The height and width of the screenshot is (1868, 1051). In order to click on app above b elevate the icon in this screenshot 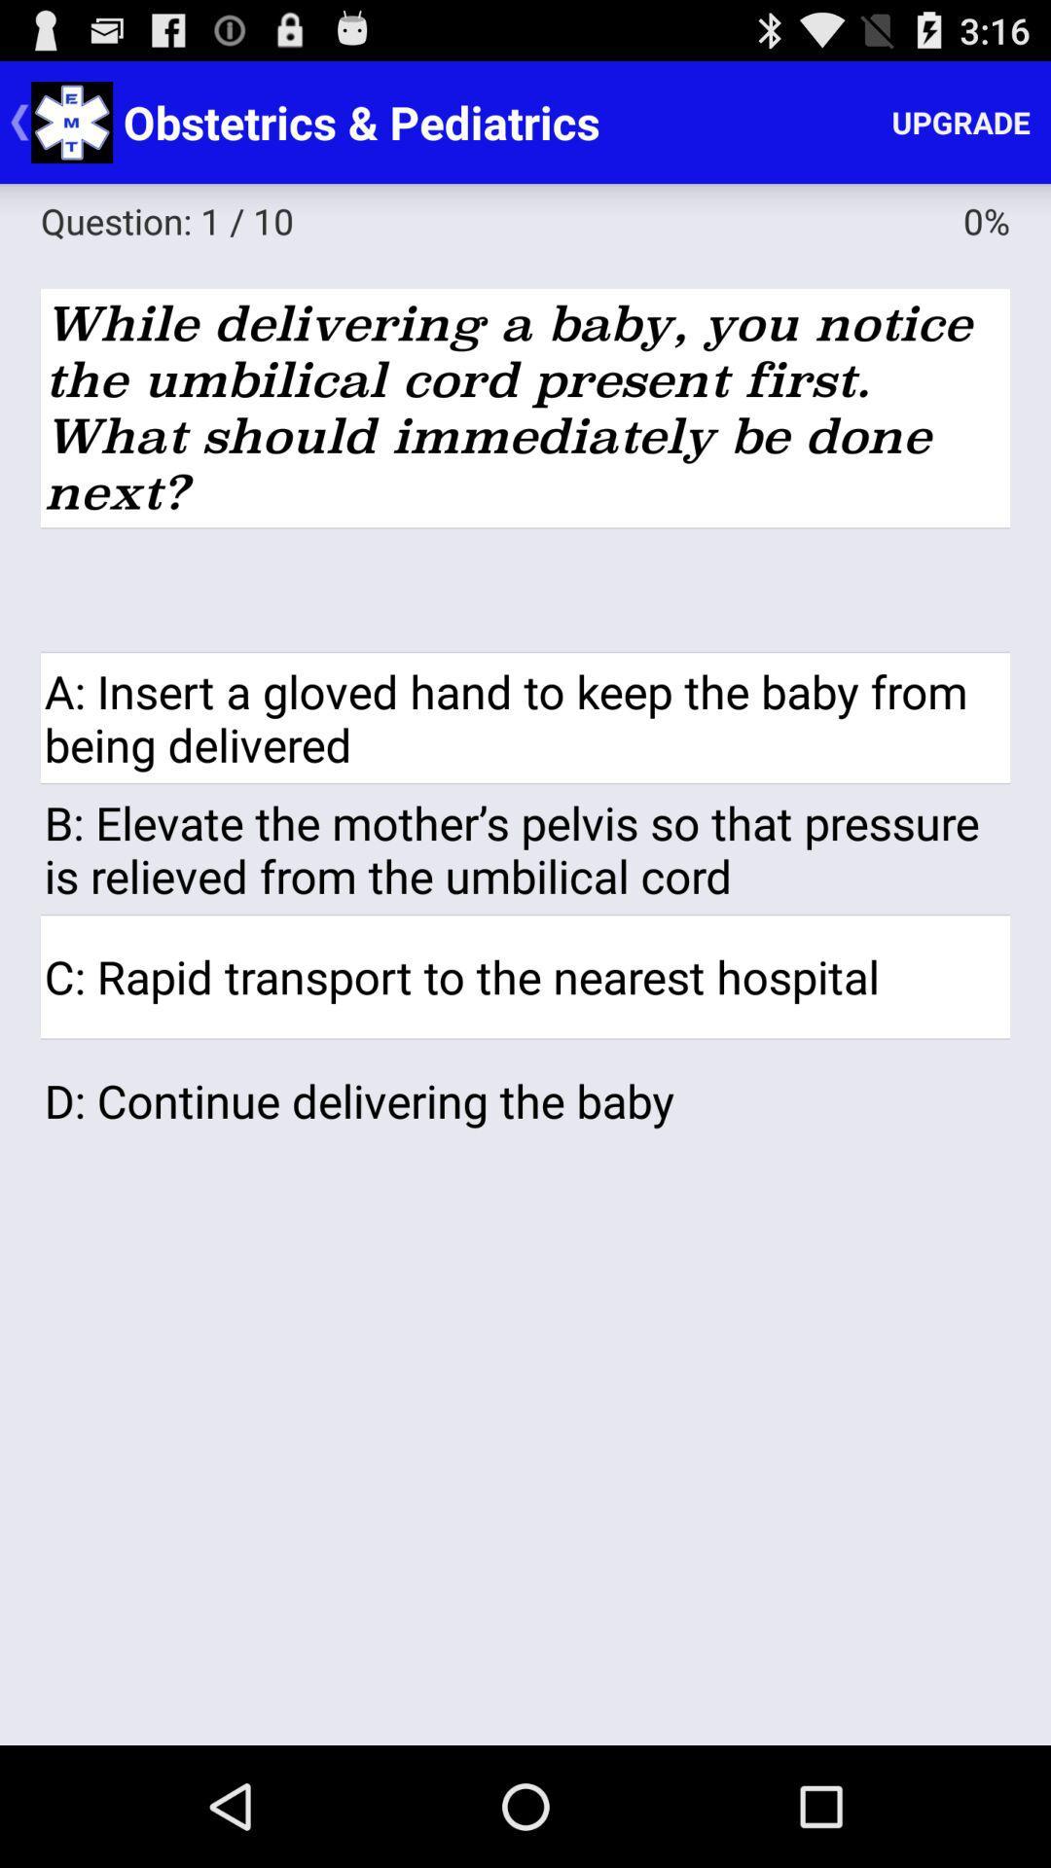, I will do `click(525, 717)`.